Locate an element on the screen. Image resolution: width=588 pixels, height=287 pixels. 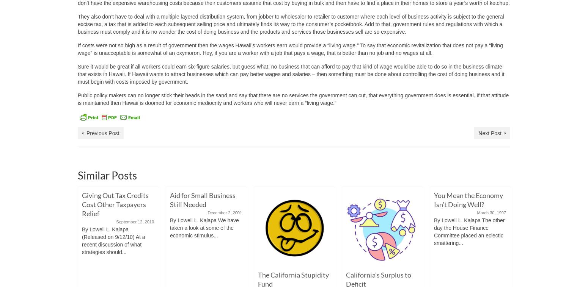
'By Lowell L. Kalapa The other day the House Finance Committee placed an eclectic smattering...' is located at coordinates (469, 232).